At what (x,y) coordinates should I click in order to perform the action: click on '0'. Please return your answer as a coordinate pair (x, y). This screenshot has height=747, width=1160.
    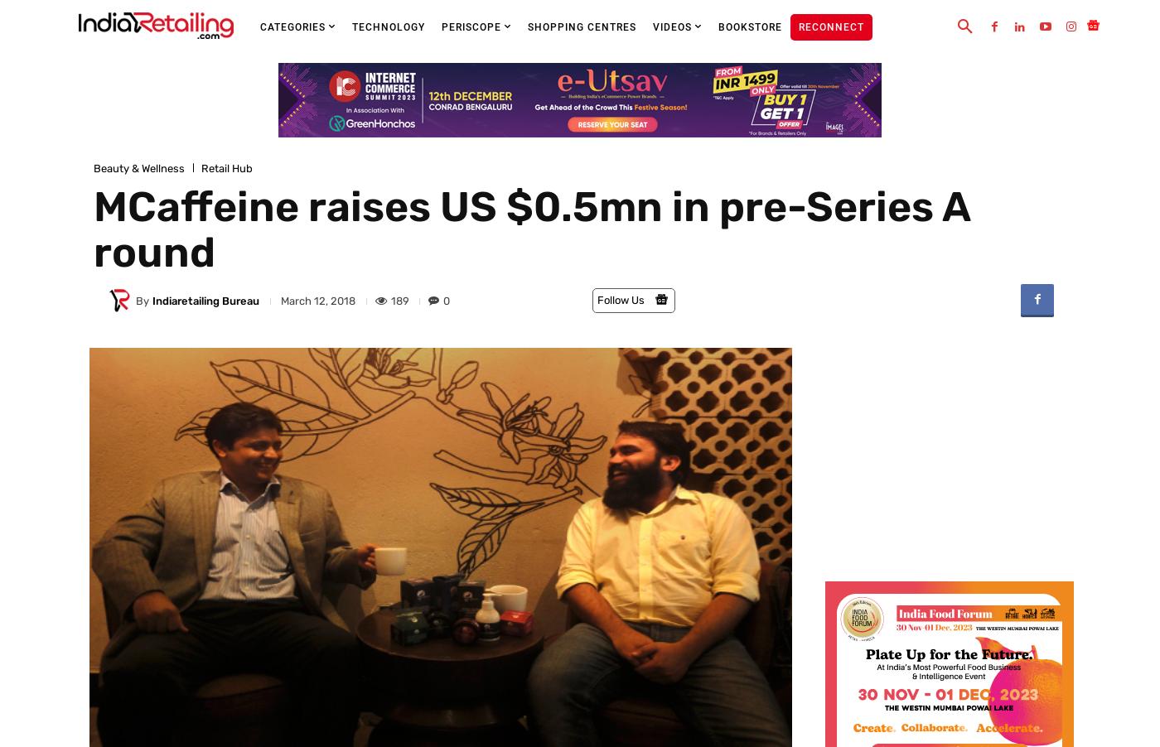
    Looking at the image, I should click on (442, 299).